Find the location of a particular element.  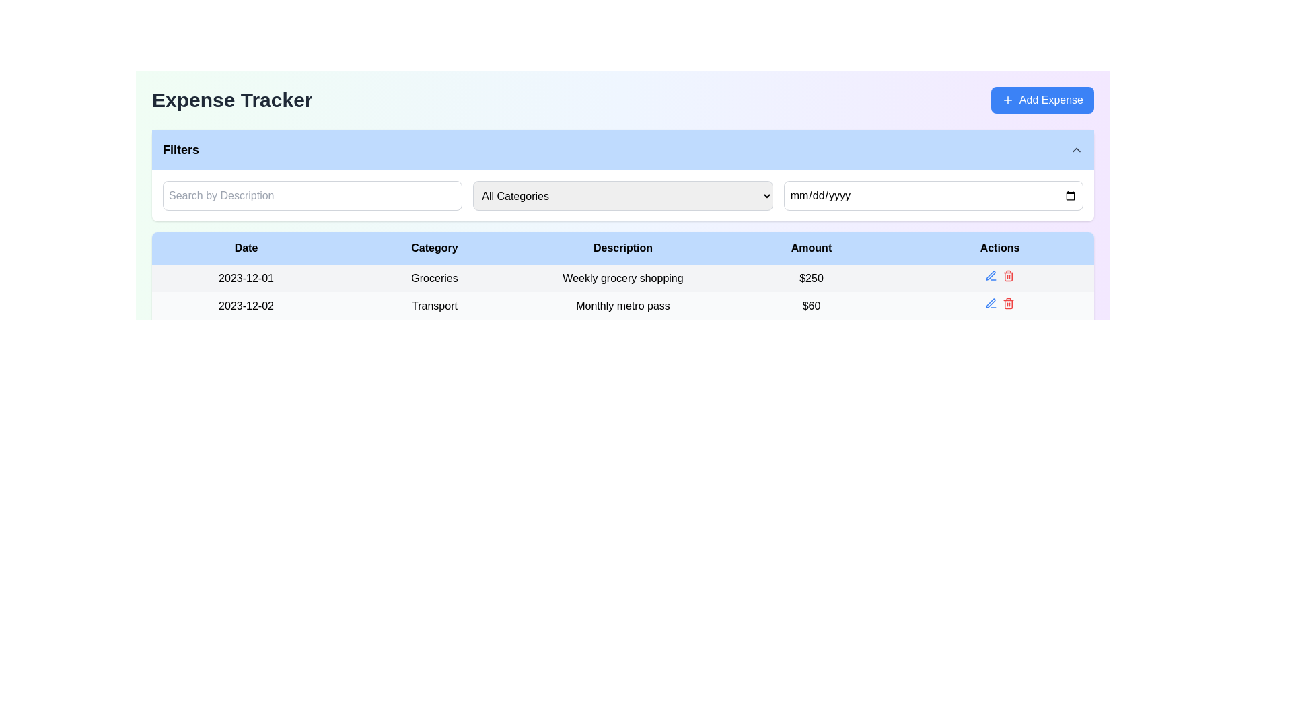

the second row of the table that describes a financial transaction, which includes the date '2023-12-02', category 'Transport', description 'Monthly metro pass', and amount '$60' is located at coordinates (622, 306).